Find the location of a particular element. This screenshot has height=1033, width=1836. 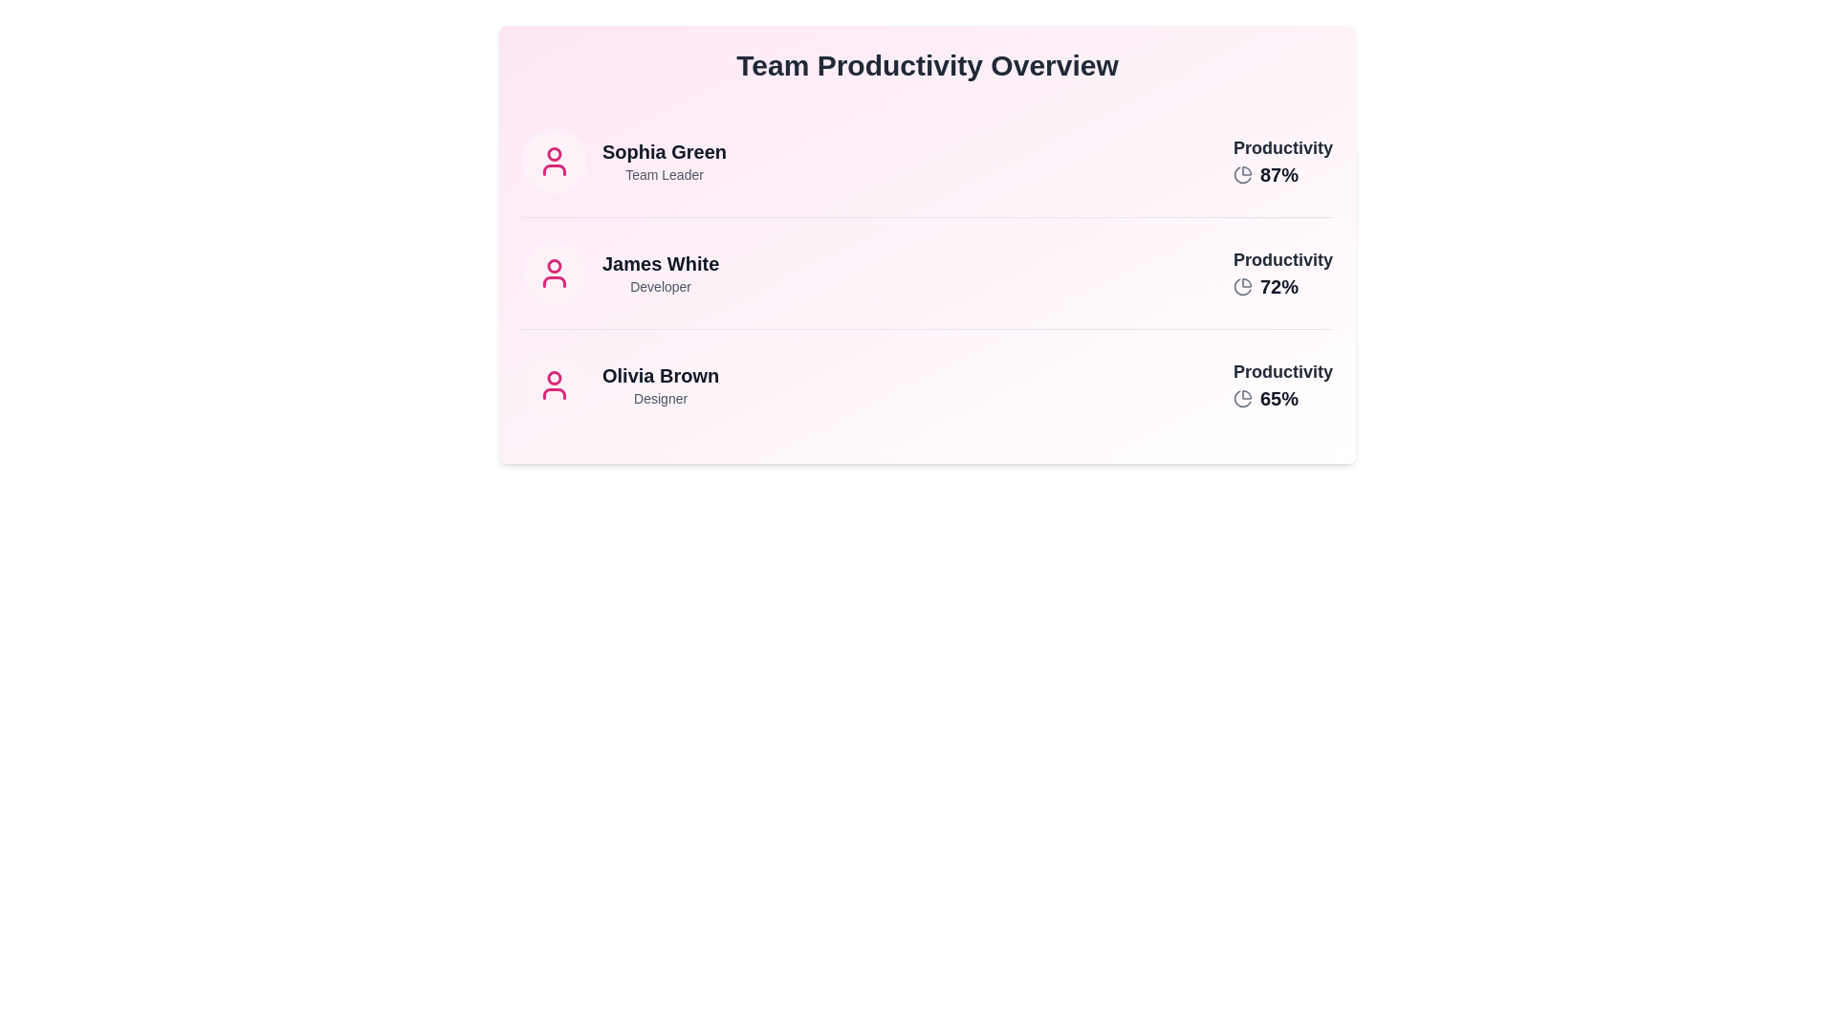

displayed percentage value (72%) from the text label indicating productivity metric for user 'James White' is located at coordinates (1279, 287).